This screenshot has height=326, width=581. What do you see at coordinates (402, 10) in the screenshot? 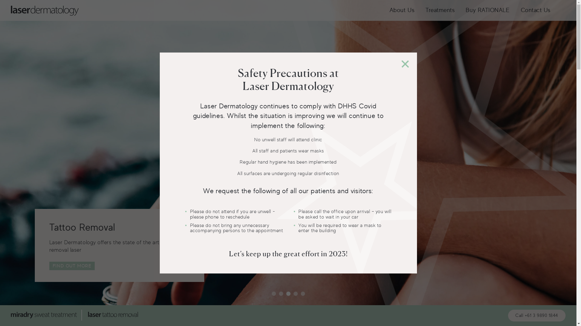
I see `'About Us'` at bounding box center [402, 10].